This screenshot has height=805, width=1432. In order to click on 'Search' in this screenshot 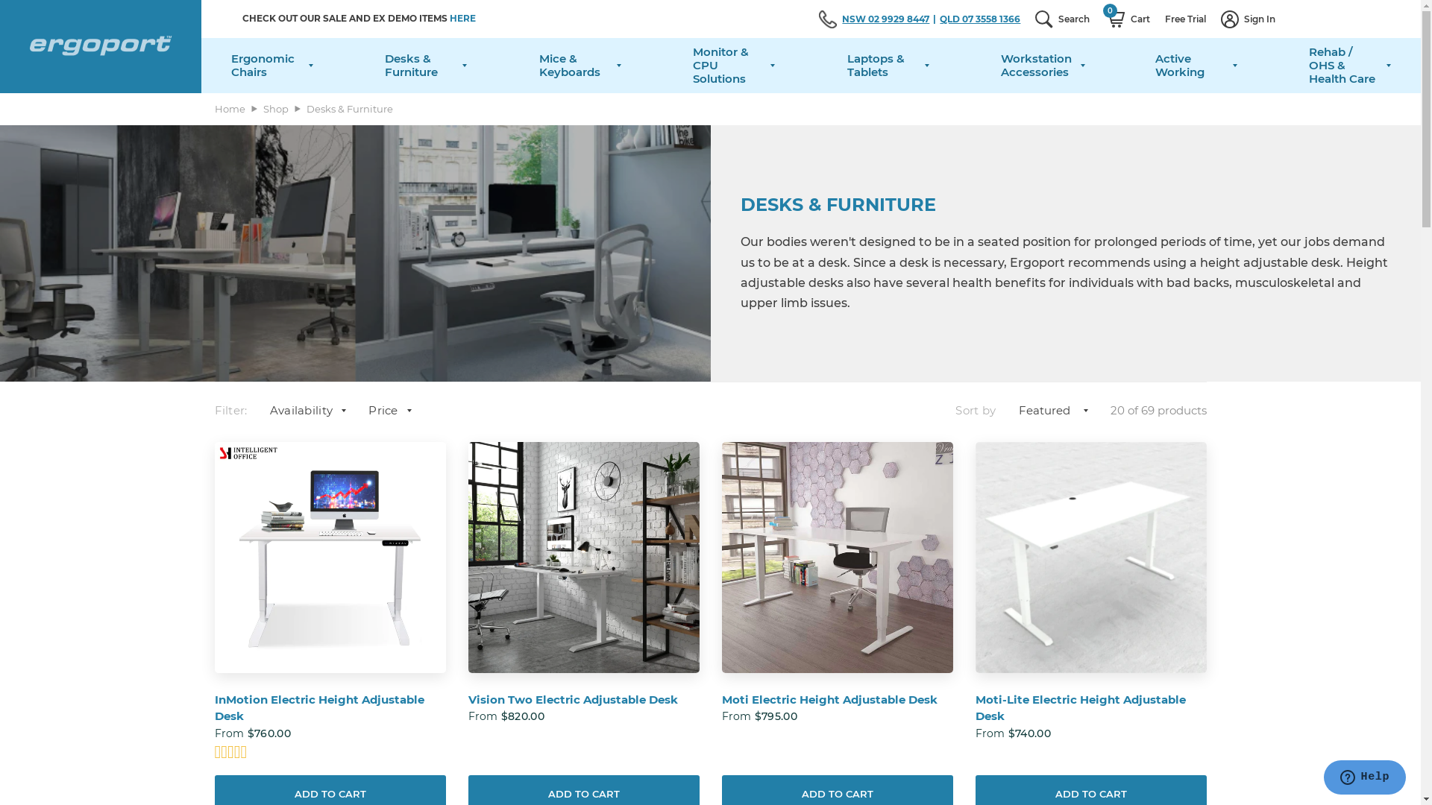, I will do `click(1026, 19)`.